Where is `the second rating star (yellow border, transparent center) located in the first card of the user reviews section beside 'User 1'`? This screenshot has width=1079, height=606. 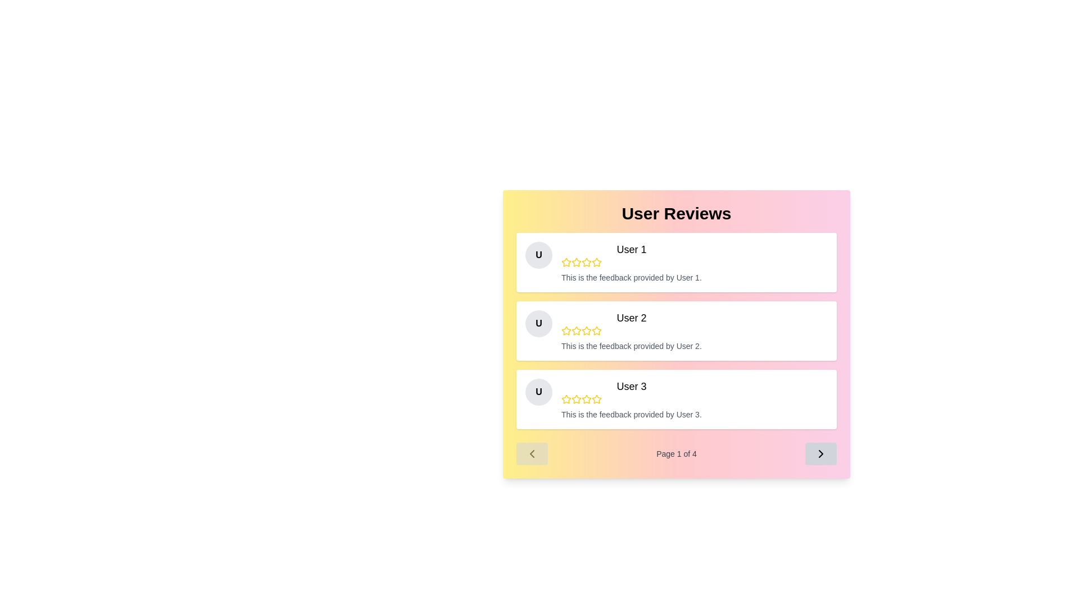
the second rating star (yellow border, transparent center) located in the first card of the user reviews section beside 'User 1' is located at coordinates (577, 262).